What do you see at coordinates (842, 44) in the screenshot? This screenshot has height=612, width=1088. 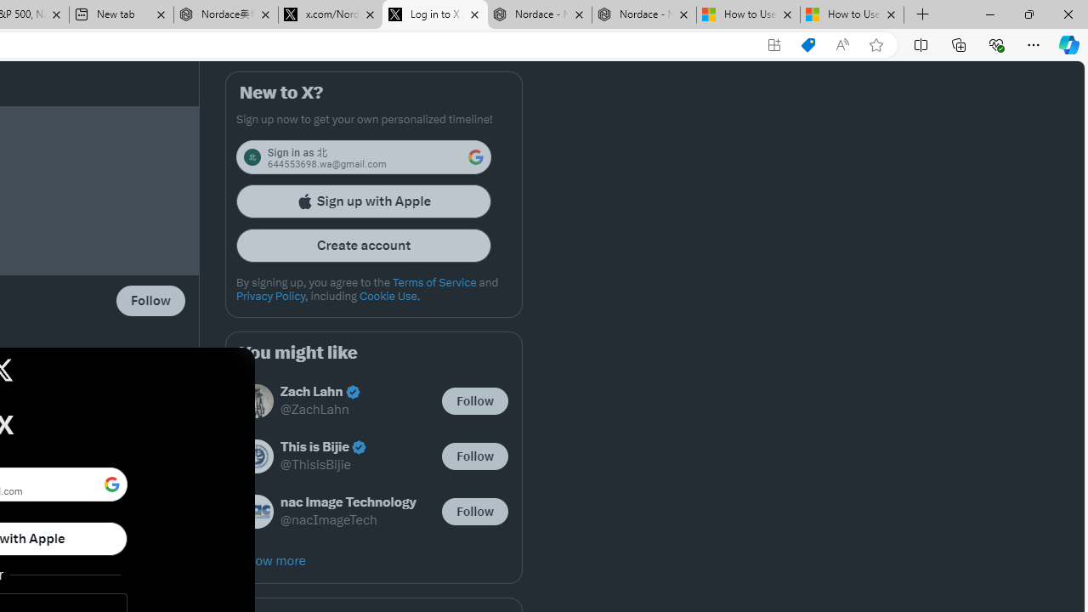 I see `'Read aloud this page (Ctrl+Shift+U)'` at bounding box center [842, 44].